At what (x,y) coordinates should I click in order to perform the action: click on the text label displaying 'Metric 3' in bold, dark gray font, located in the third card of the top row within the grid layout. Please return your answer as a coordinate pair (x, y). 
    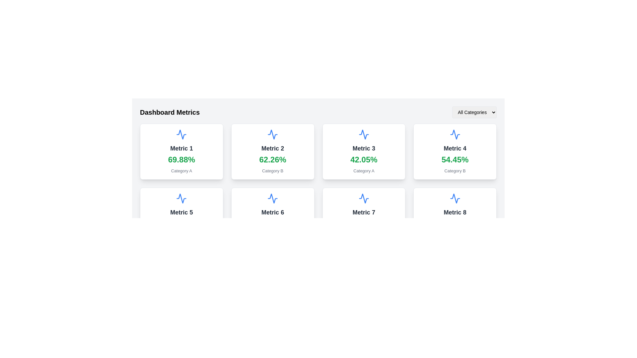
    Looking at the image, I should click on (363, 148).